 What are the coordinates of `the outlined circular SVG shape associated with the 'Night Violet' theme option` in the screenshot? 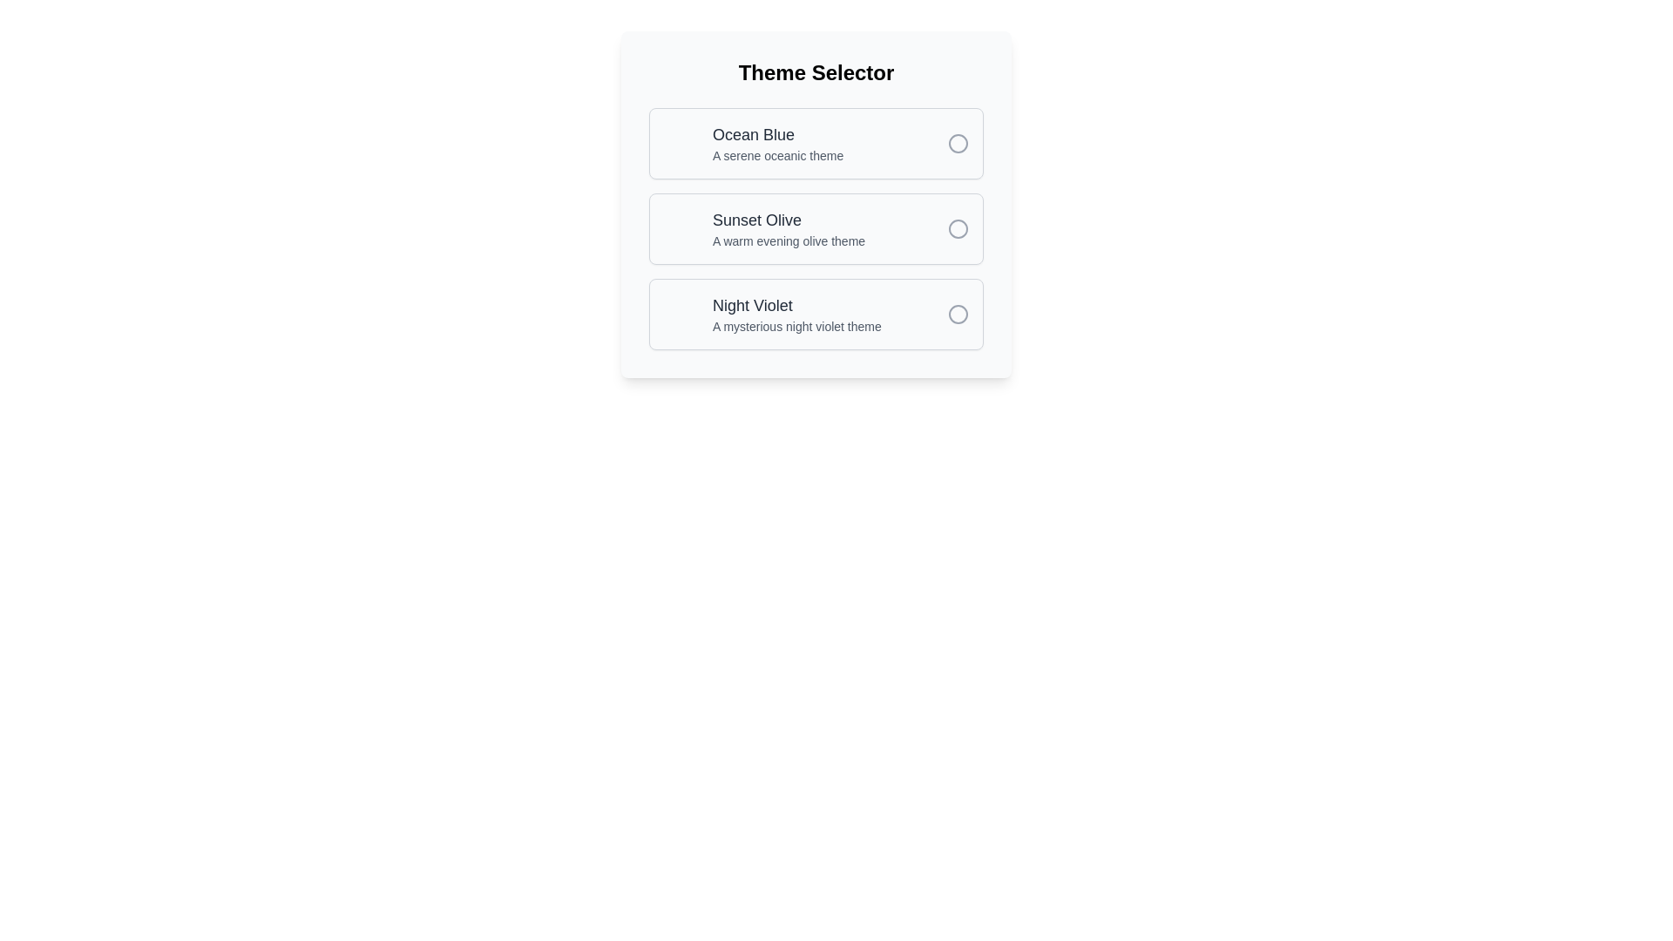 It's located at (957, 315).